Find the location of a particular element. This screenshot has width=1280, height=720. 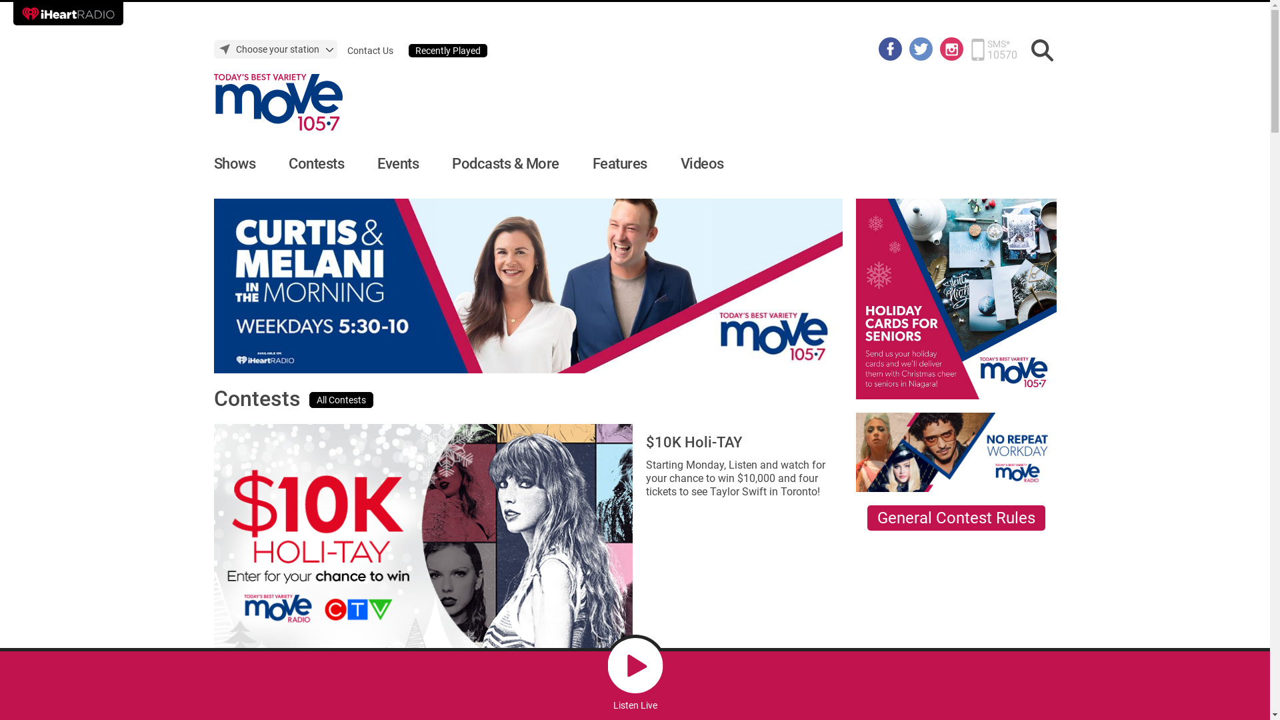

'Choose your station' is located at coordinates (274, 48).